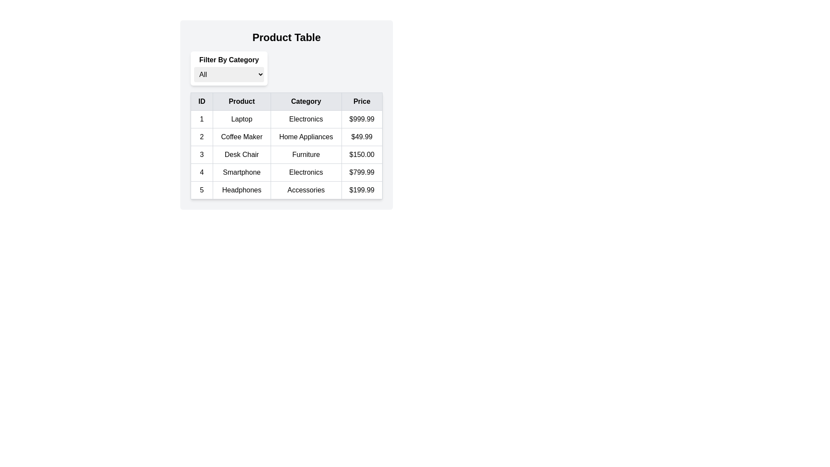 The image size is (830, 467). I want to click on the static text displaying the price of the item, located in the fourth column of the first row of the table, so click(362, 119).